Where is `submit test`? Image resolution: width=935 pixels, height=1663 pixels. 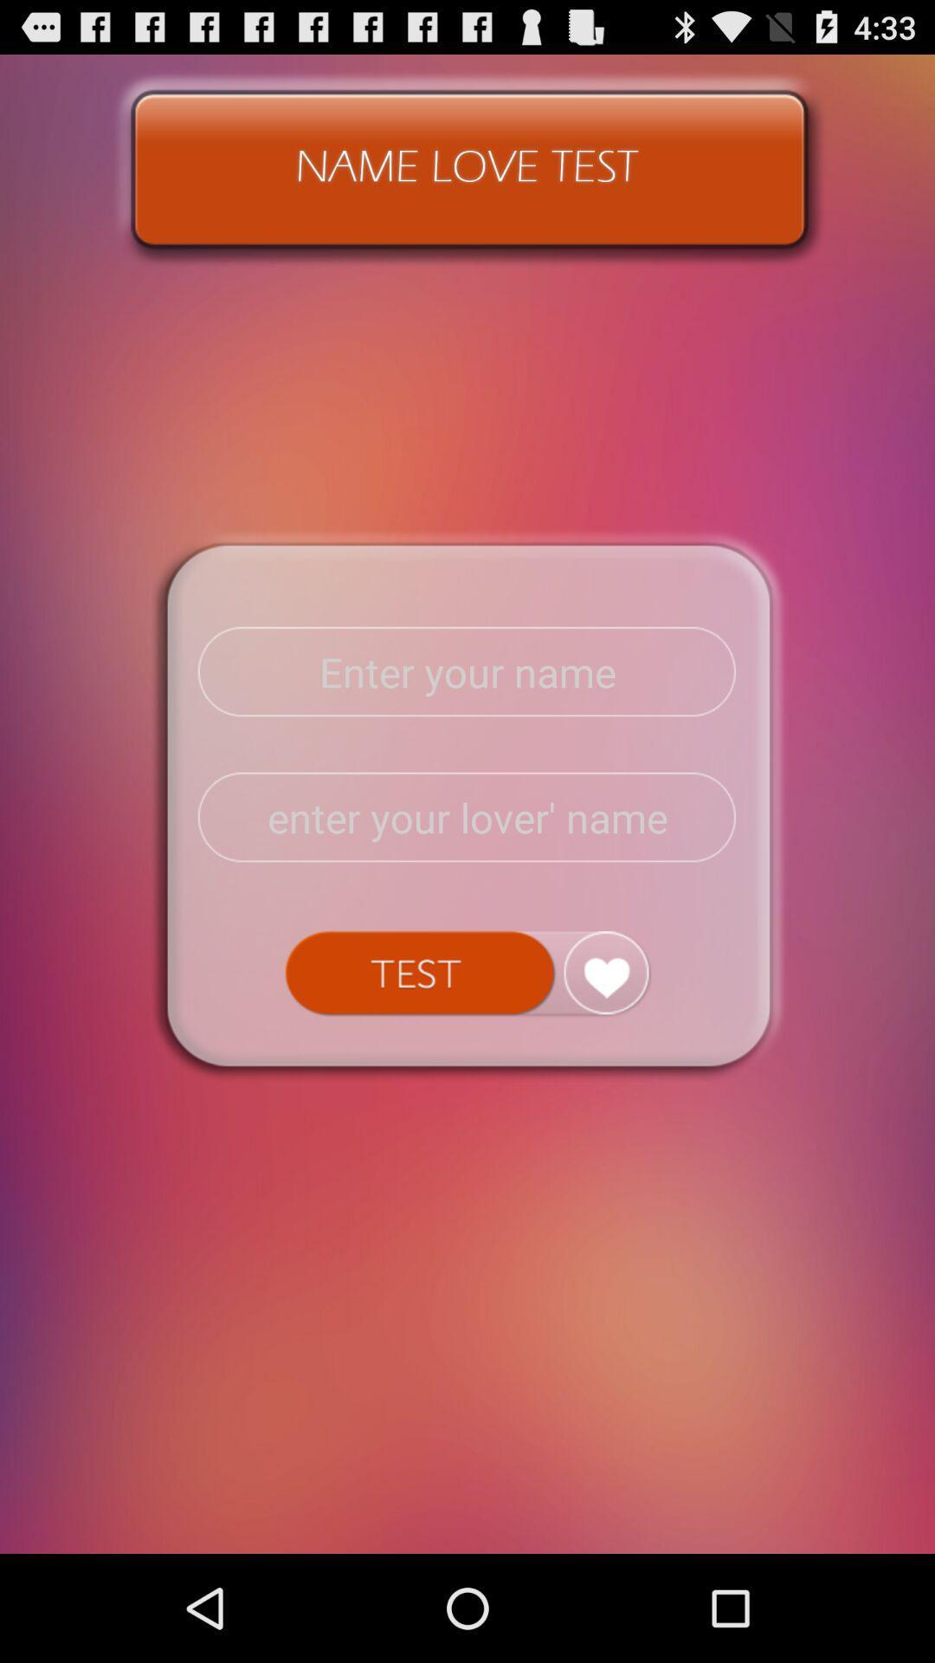 submit test is located at coordinates (466, 973).